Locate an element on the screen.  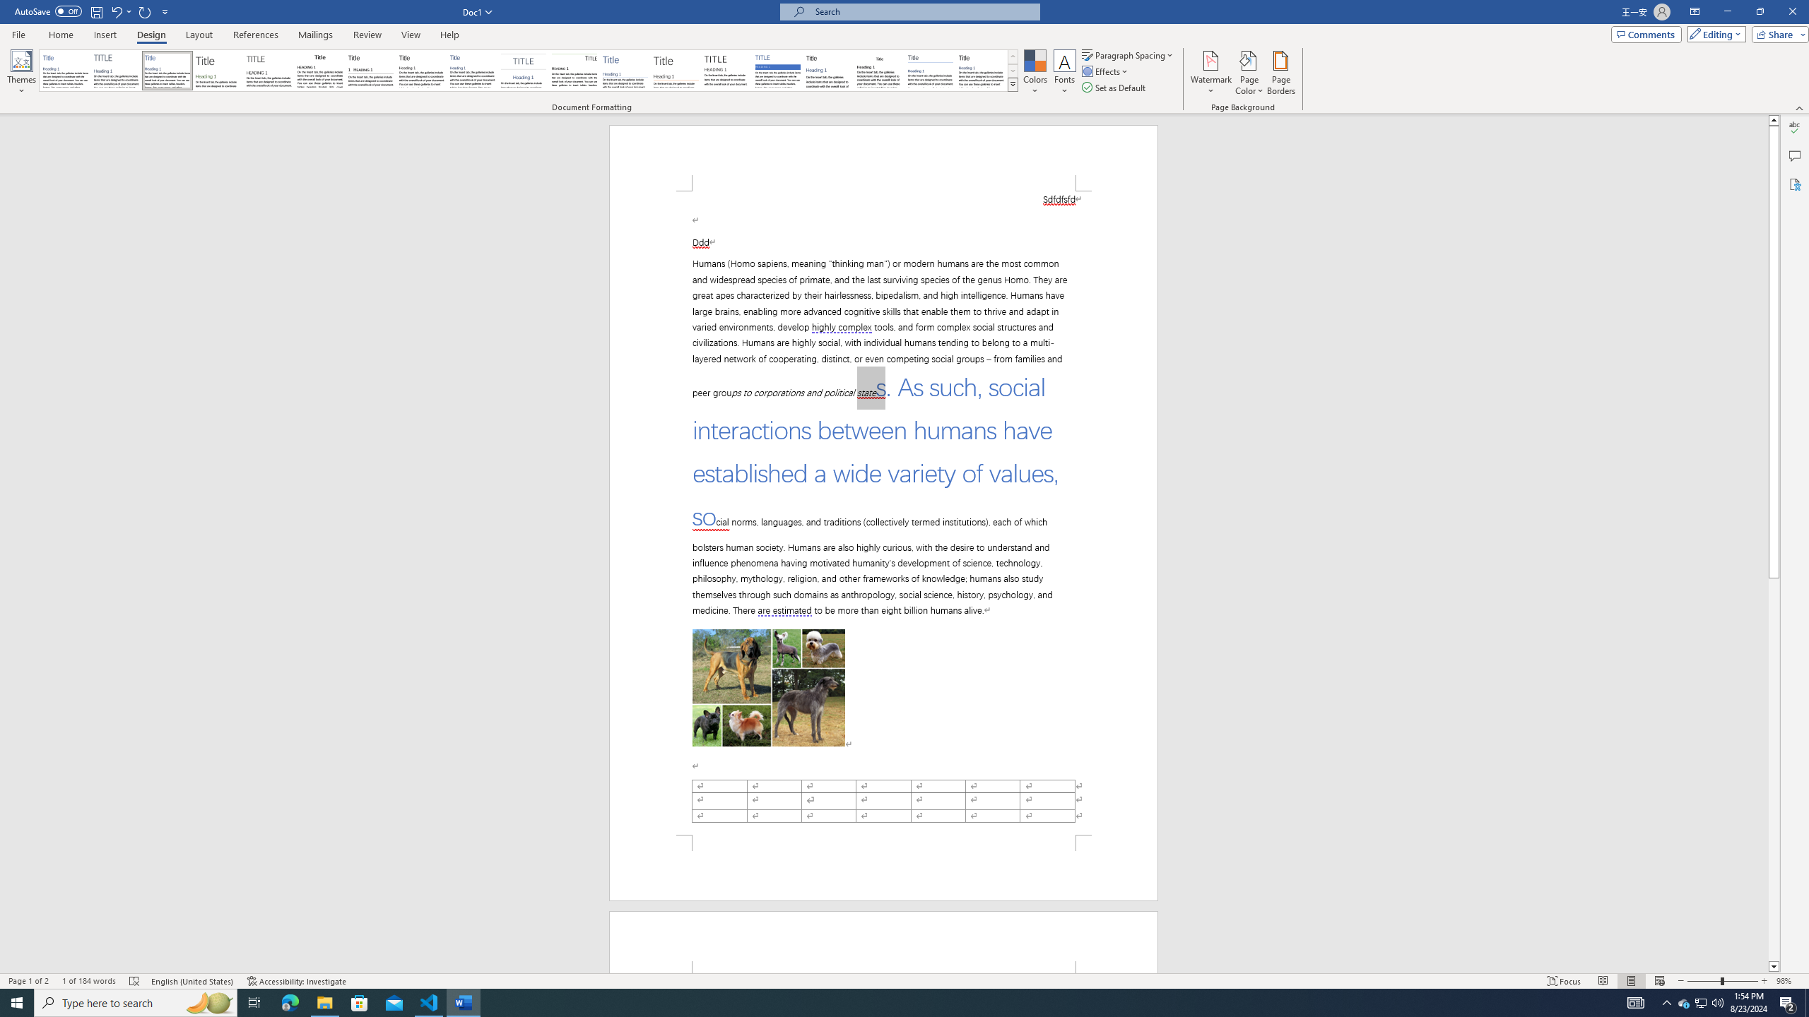
'Editing' is located at coordinates (1714, 33).